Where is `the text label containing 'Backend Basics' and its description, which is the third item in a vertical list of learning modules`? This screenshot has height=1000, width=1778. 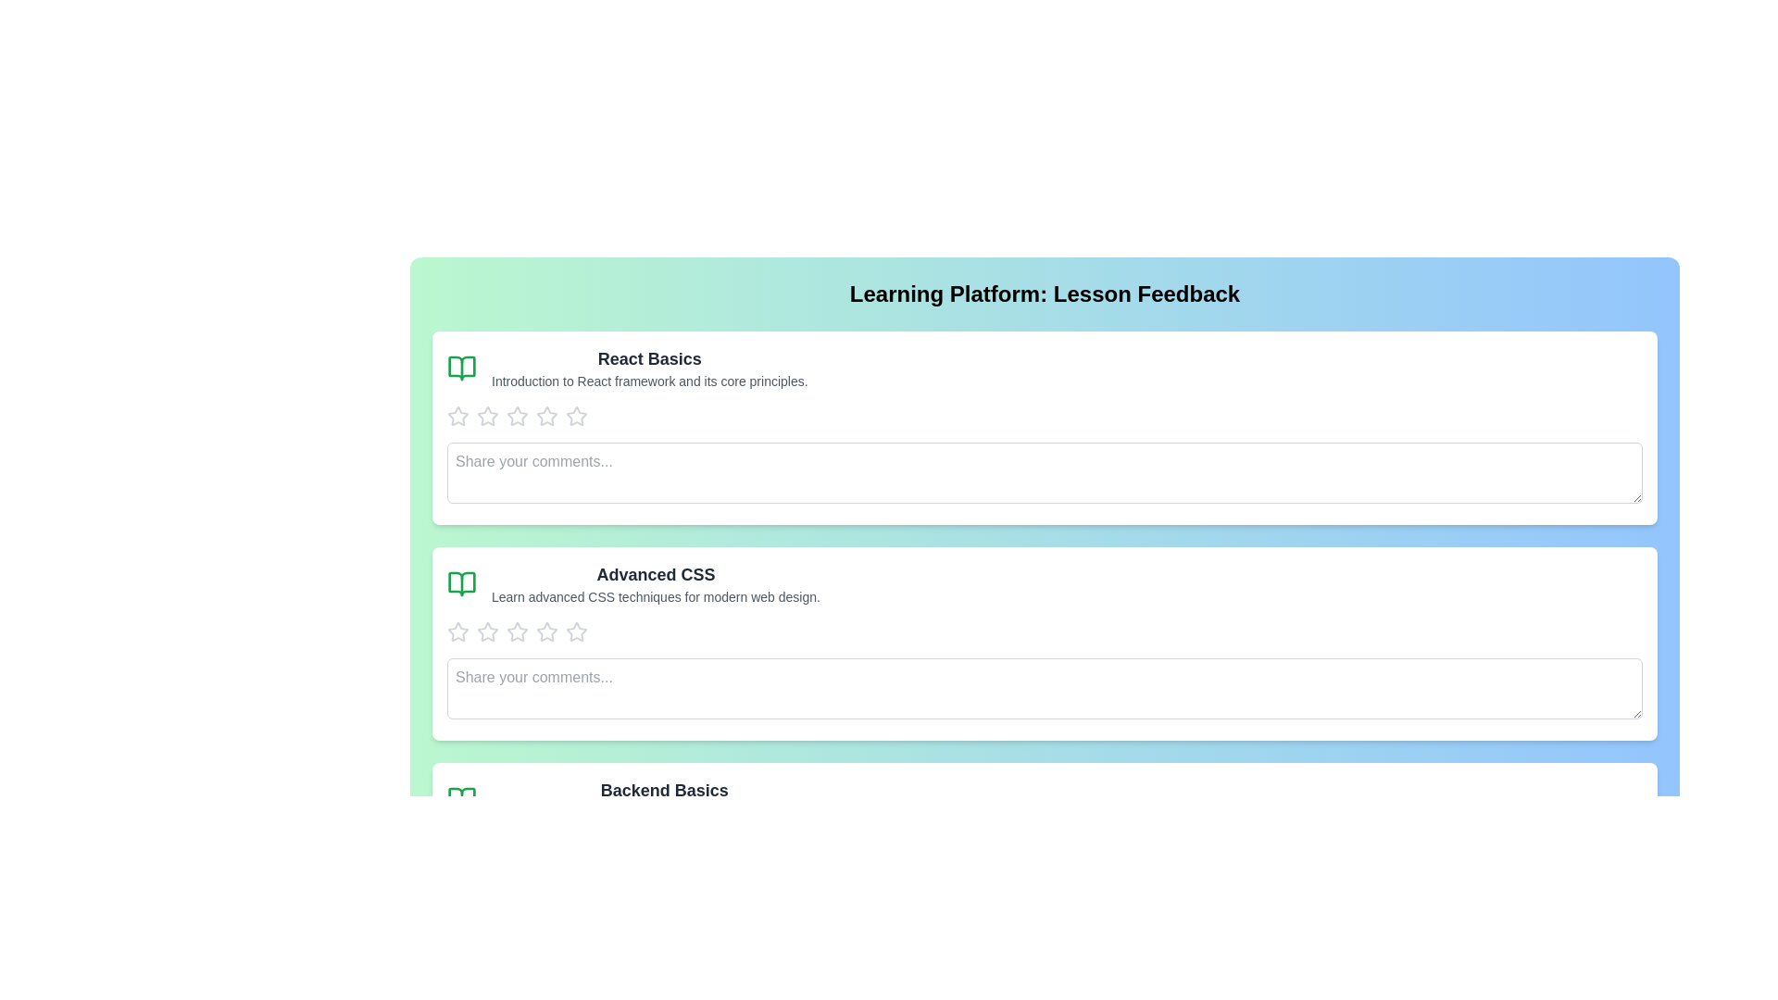
the text label containing 'Backend Basics' and its description, which is the third item in a vertical list of learning modules is located at coordinates (664, 799).